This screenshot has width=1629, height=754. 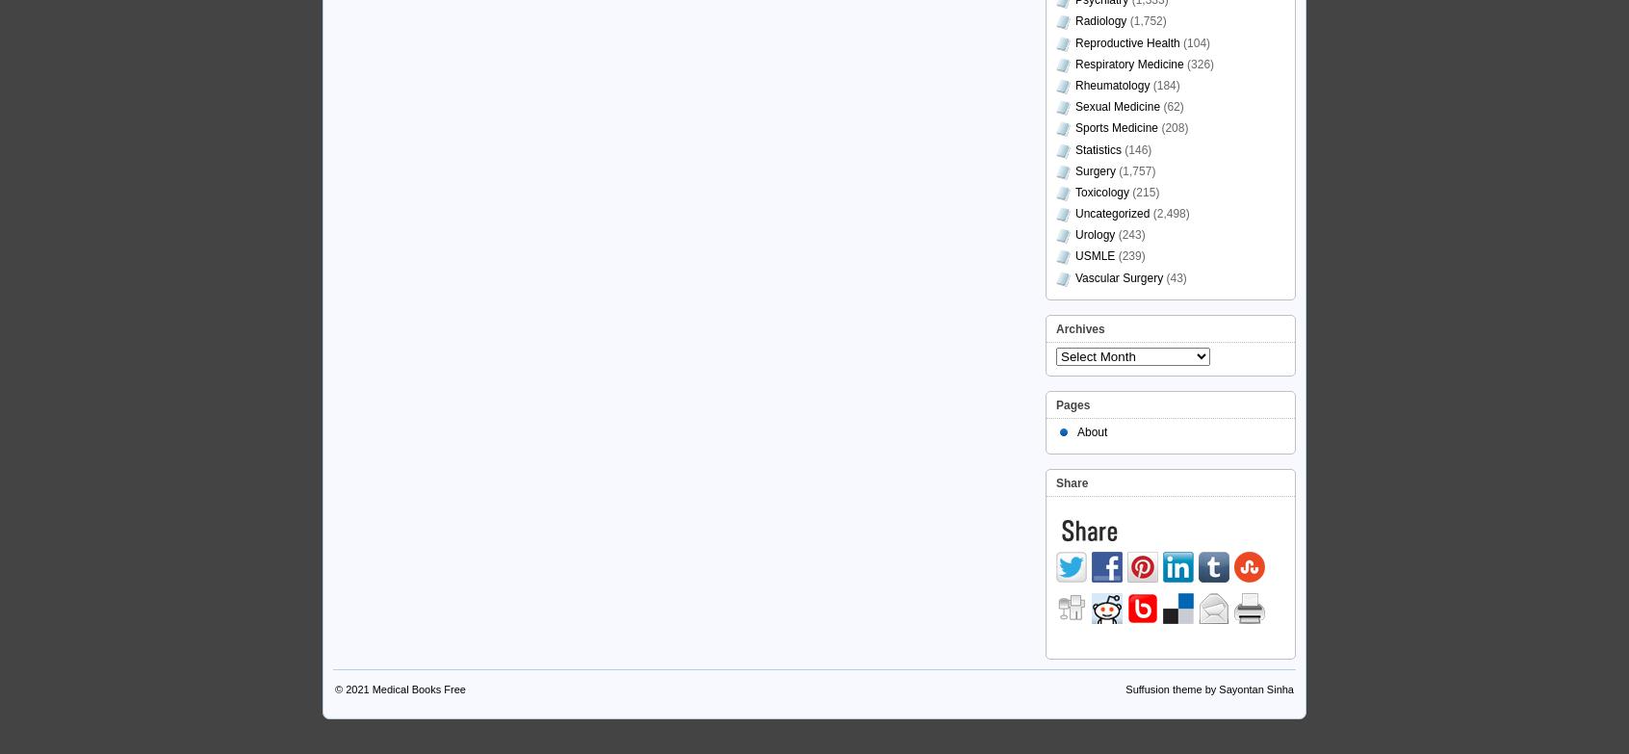 What do you see at coordinates (1116, 128) in the screenshot?
I see `'Sports Medicine'` at bounding box center [1116, 128].